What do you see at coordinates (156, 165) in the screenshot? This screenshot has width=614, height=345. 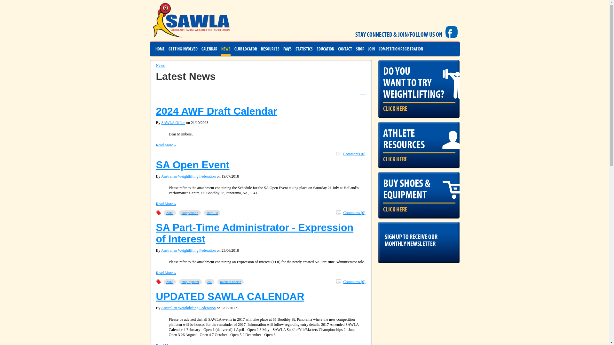 I see `'SA Open Event'` at bounding box center [156, 165].